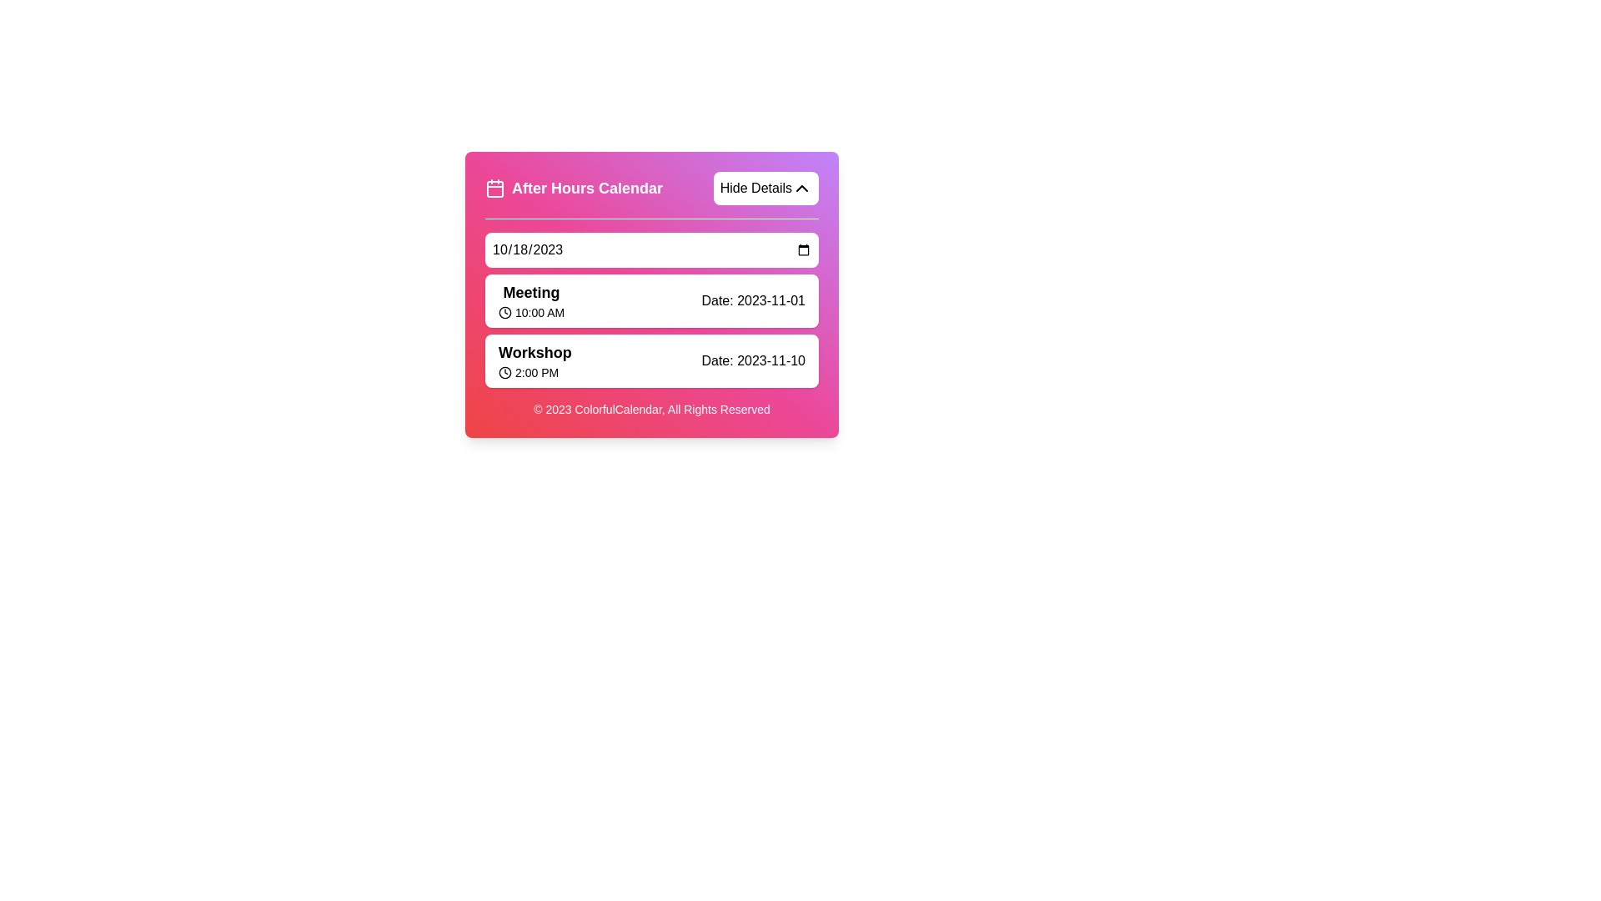 Image resolution: width=1601 pixels, height=901 pixels. I want to click on text label displaying 'Date: 2023-11-10' located at the bottom-right corner of the 'Workshop' entry, adjacent to the '2:00 PM' time text, so click(752, 360).